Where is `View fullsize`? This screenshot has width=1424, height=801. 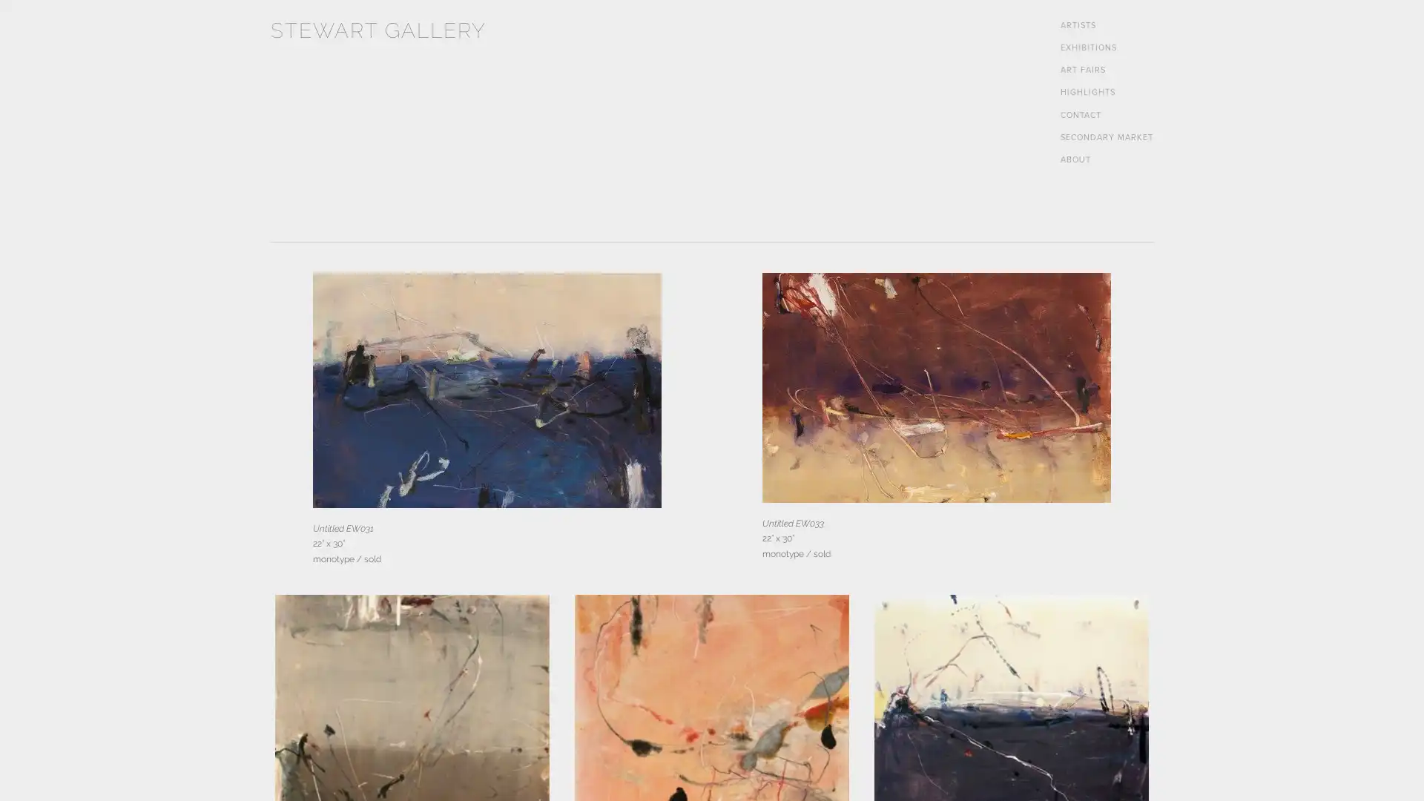 View fullsize is located at coordinates (487, 389).